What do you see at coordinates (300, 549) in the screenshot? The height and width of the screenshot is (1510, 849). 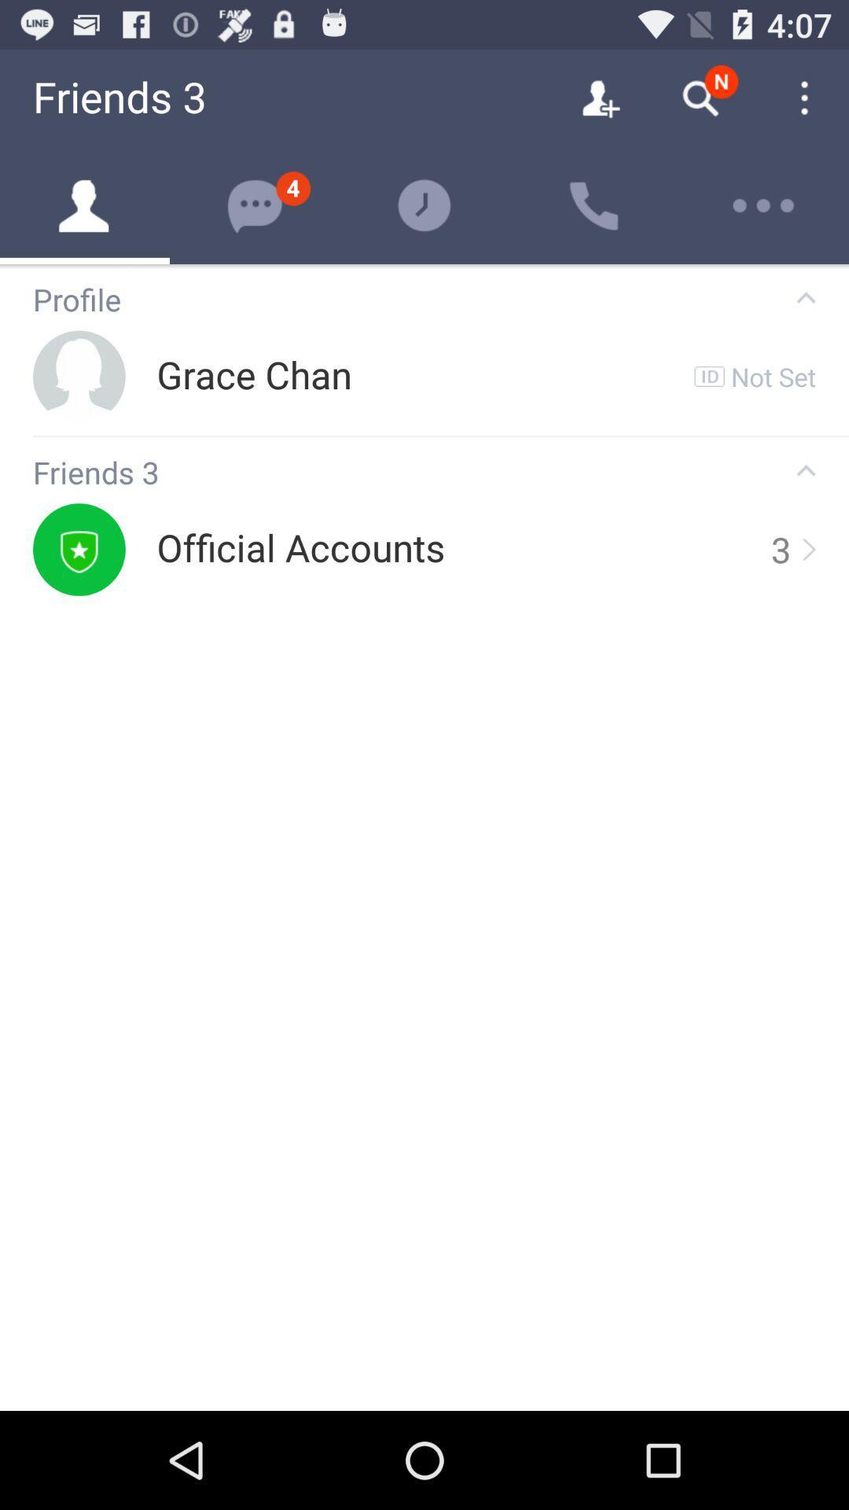 I see `app at the center` at bounding box center [300, 549].